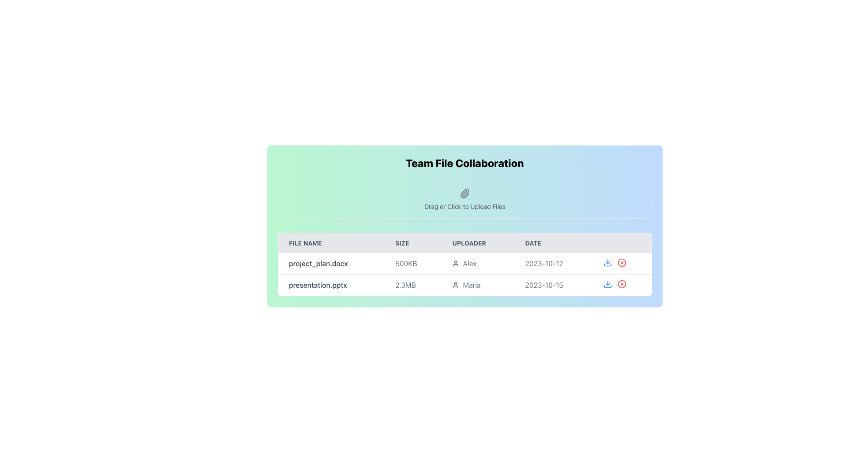  What do you see at coordinates (465, 199) in the screenshot?
I see `the File upload area, which is a rectangular section featuring a paperclip icon and the text 'Drag or Click to Upload Files', located below the title 'Team File Collaboration'` at bounding box center [465, 199].